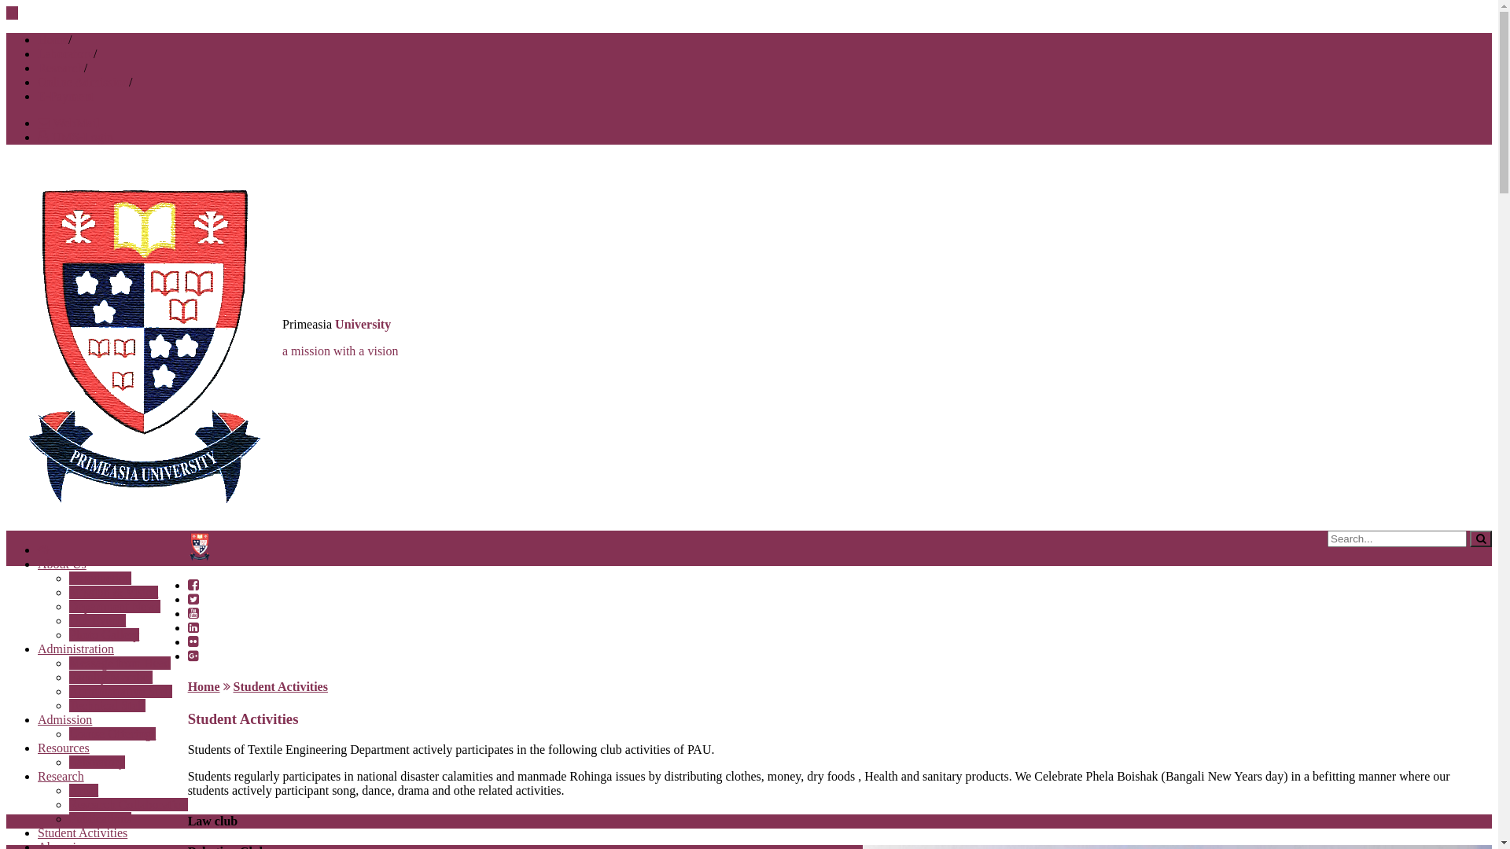  I want to click on 'Research', so click(61, 775).